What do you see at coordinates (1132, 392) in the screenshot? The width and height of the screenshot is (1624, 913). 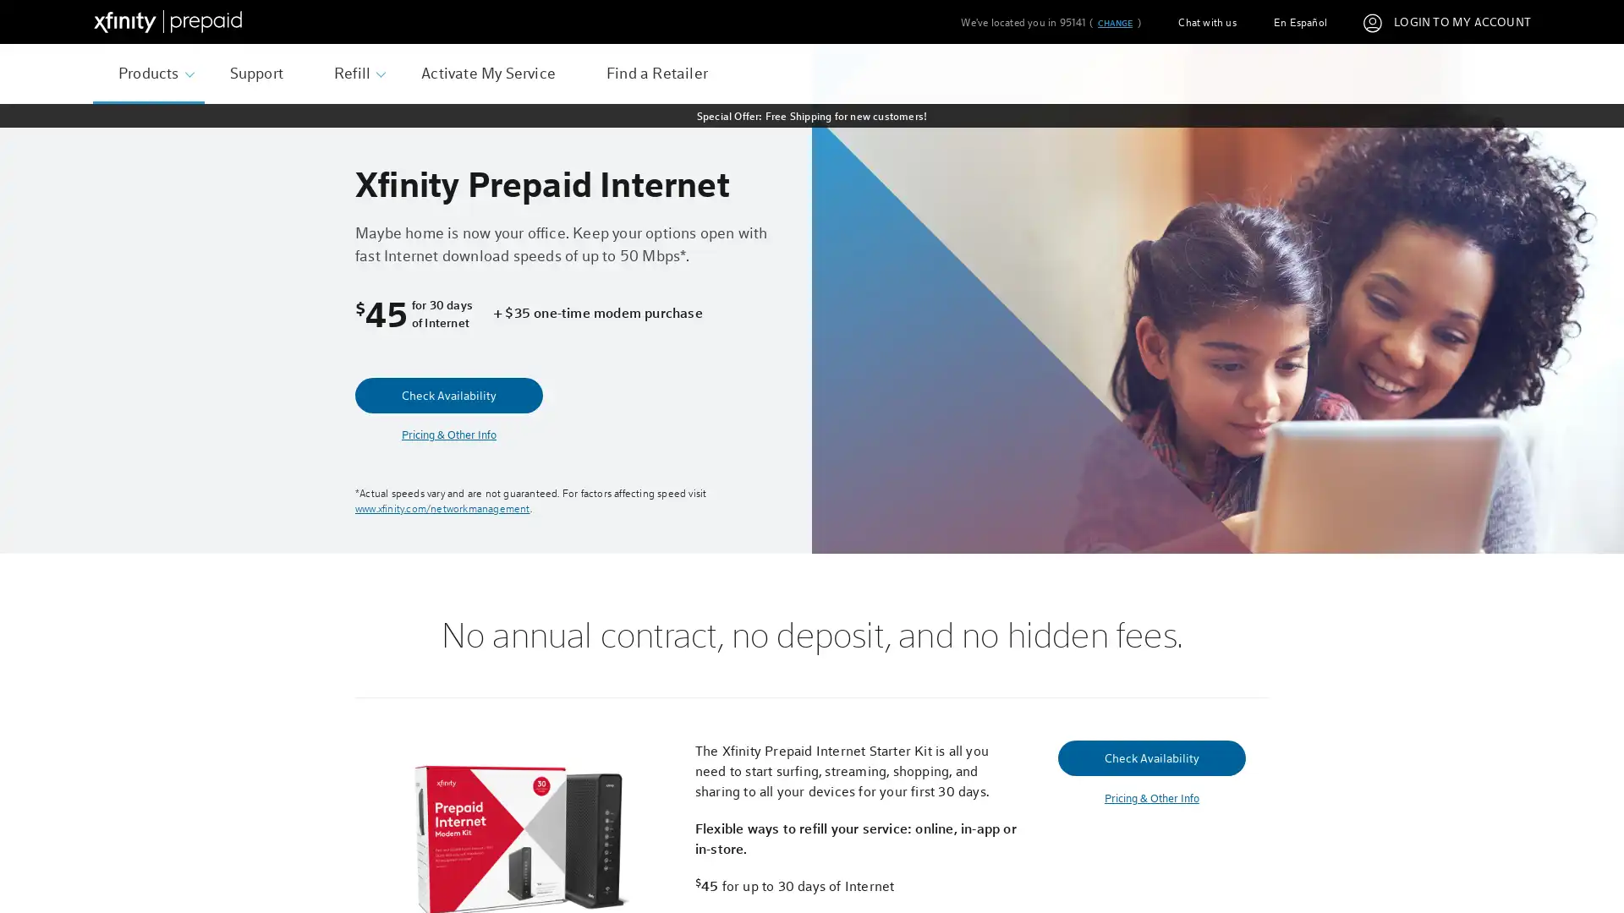 I see `Close this dialog window` at bounding box center [1132, 392].